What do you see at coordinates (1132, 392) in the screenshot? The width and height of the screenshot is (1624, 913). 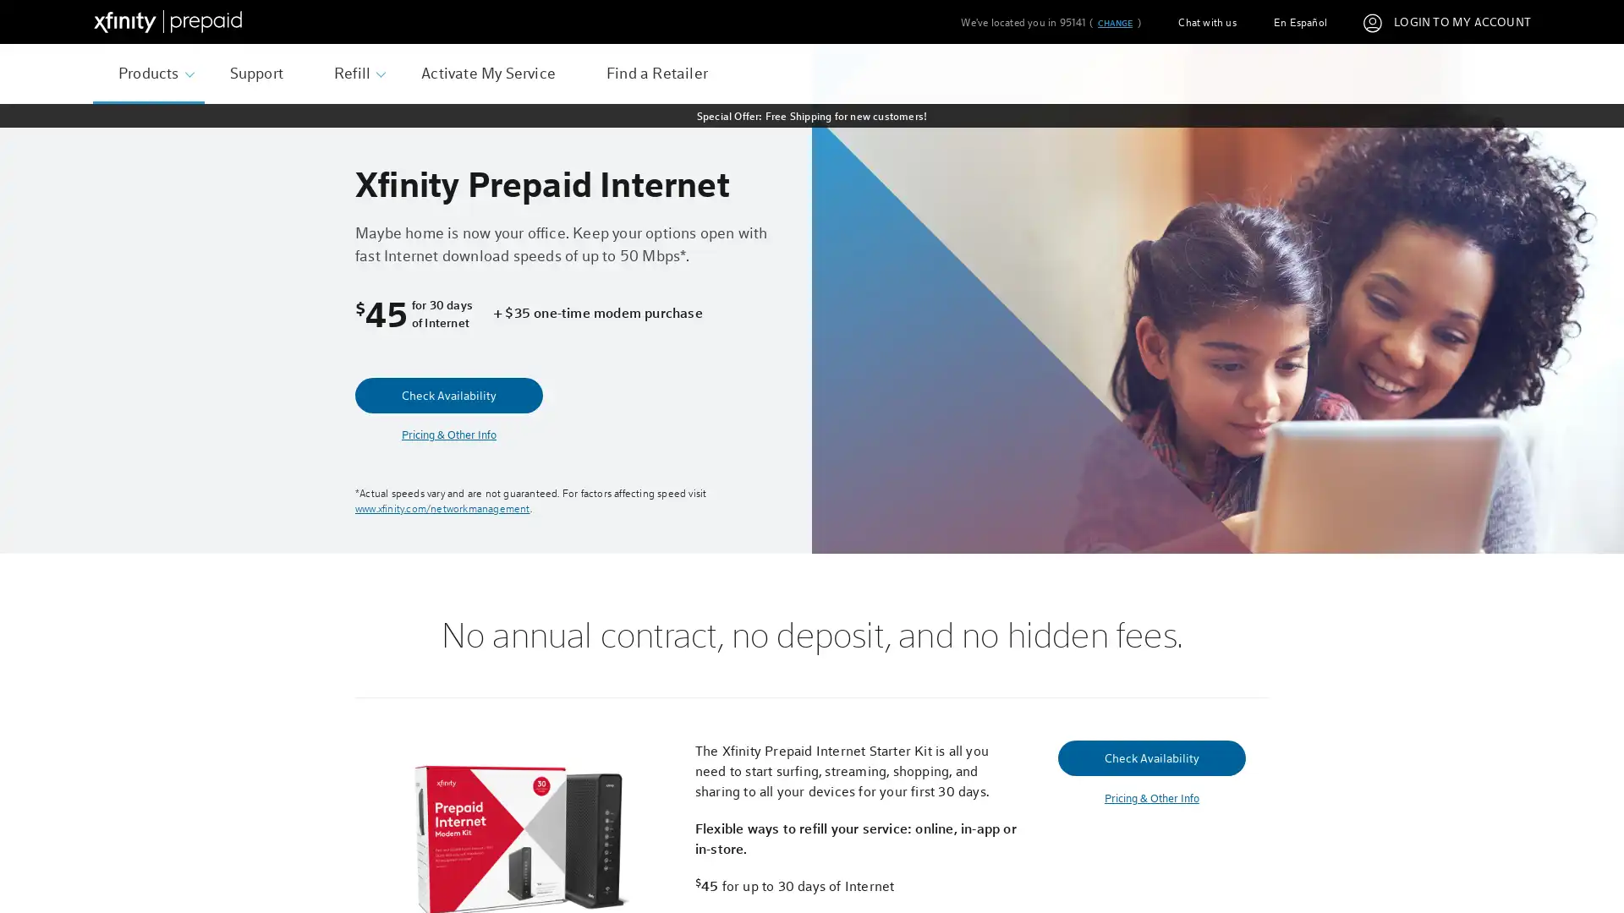 I see `Close this dialog window` at bounding box center [1132, 392].